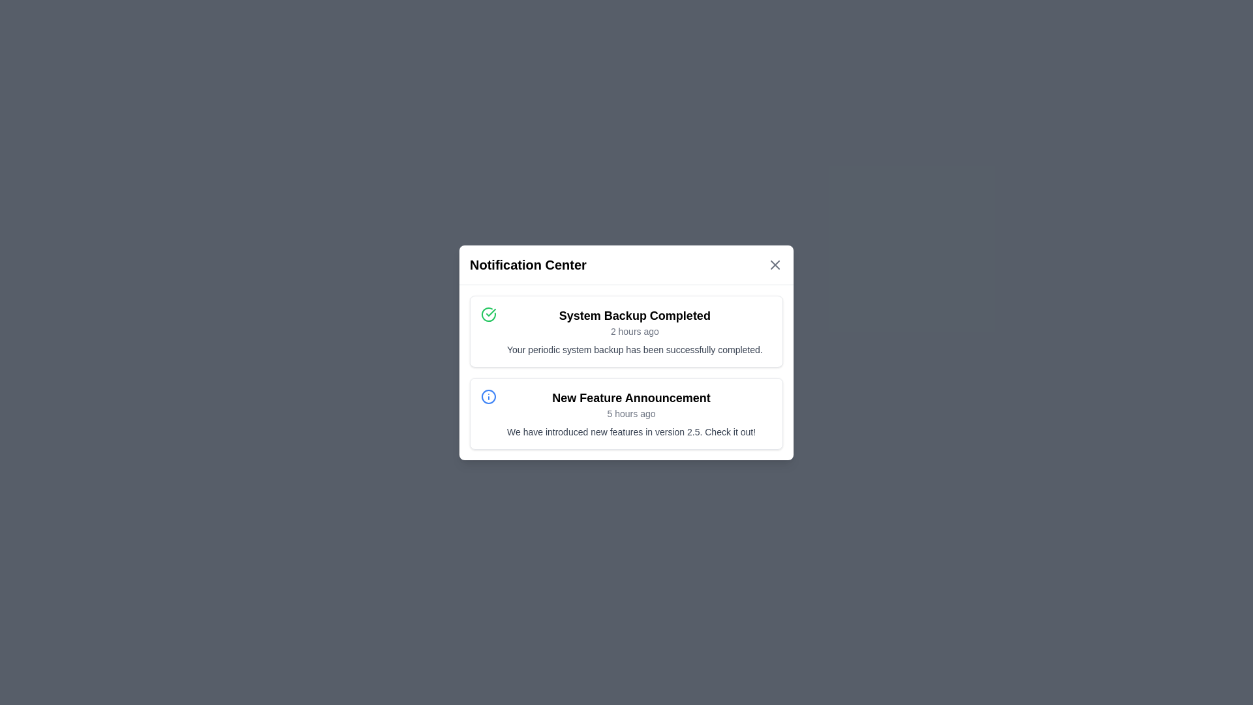  What do you see at coordinates (487, 314) in the screenshot?
I see `the Success icon, which is a green circular checkmark symbolizing a completed action, located to the left of the text 'System Backup Completed'` at bounding box center [487, 314].